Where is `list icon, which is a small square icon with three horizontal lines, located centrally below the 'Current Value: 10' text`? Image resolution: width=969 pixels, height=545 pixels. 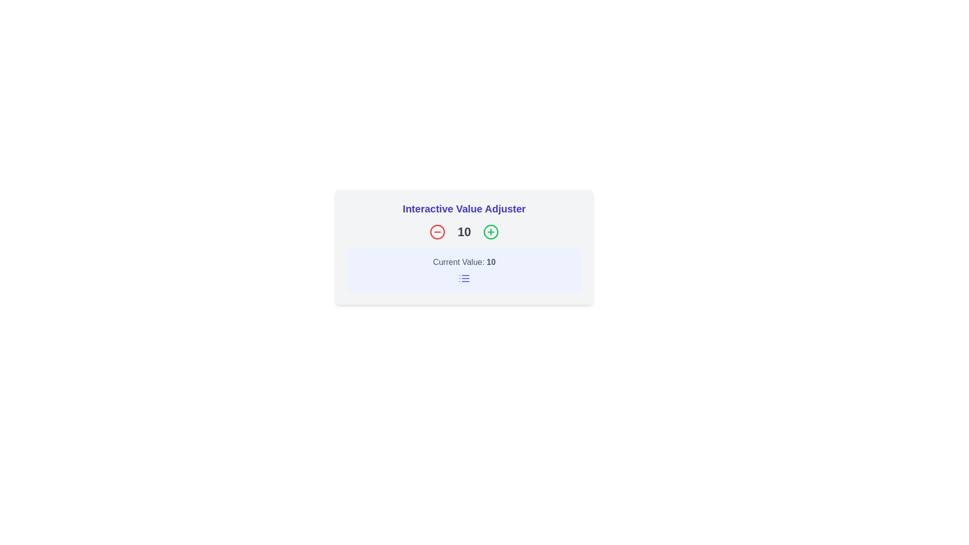
list icon, which is a small square icon with three horizontal lines, located centrally below the 'Current Value: 10' text is located at coordinates (464, 278).